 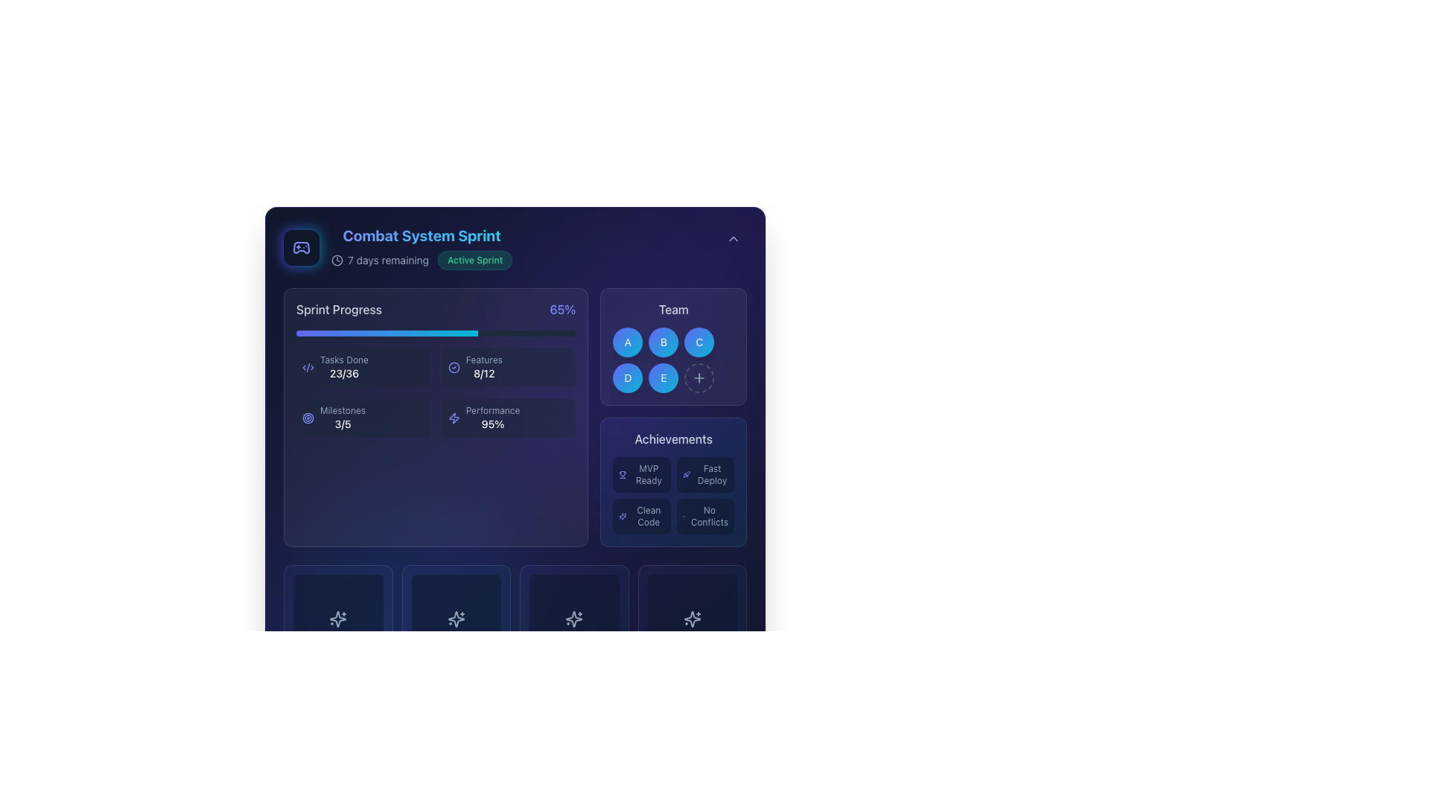 What do you see at coordinates (623, 474) in the screenshot?
I see `the trophy icon located to the left of the text 'MVP Ready' within the 'Achievements' section of the interface` at bounding box center [623, 474].